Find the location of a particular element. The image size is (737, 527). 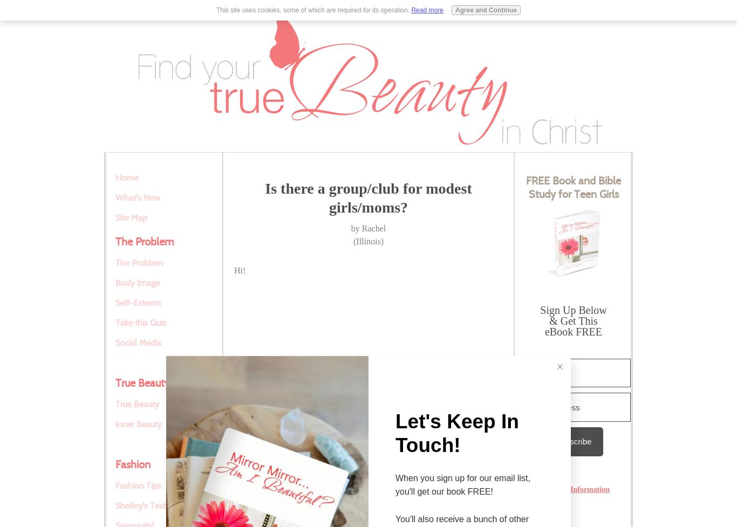

'Subscribe' is located at coordinates (555, 440).